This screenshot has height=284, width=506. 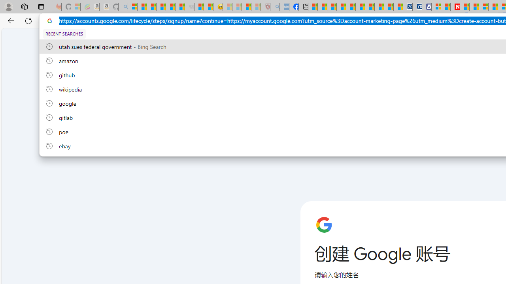 What do you see at coordinates (256, 7) in the screenshot?
I see `'12 Popular Science Lies that Must be Corrected - Sleeping'` at bounding box center [256, 7].